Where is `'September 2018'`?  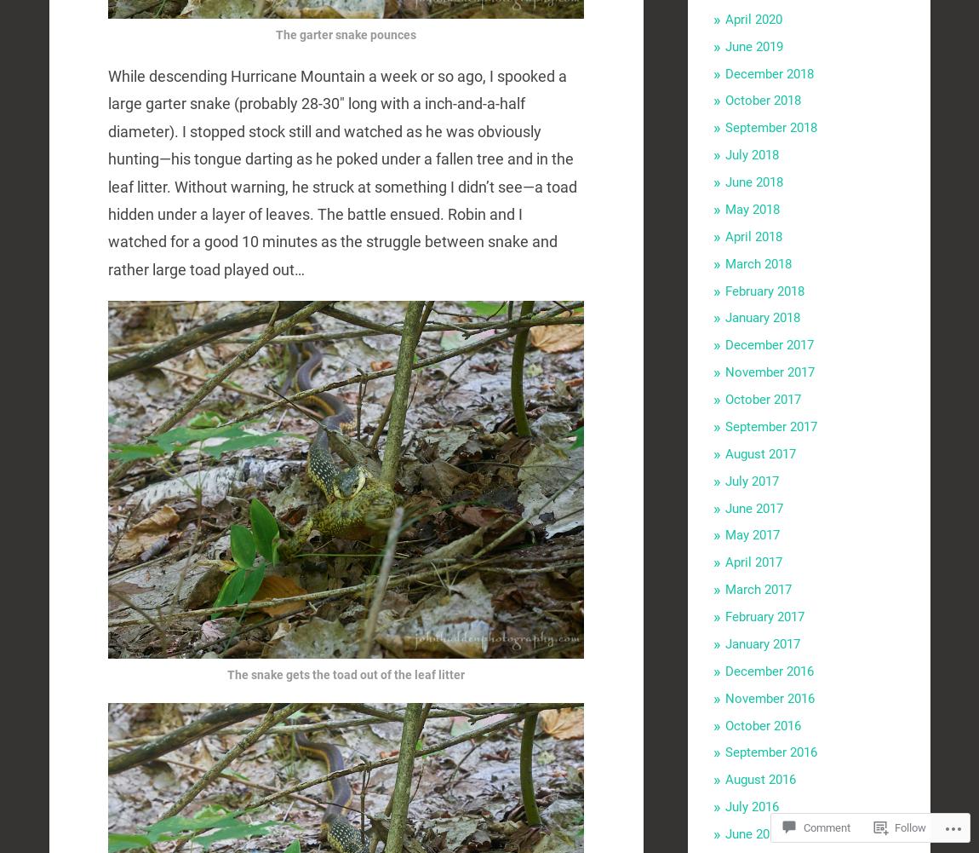
'September 2018' is located at coordinates (770, 128).